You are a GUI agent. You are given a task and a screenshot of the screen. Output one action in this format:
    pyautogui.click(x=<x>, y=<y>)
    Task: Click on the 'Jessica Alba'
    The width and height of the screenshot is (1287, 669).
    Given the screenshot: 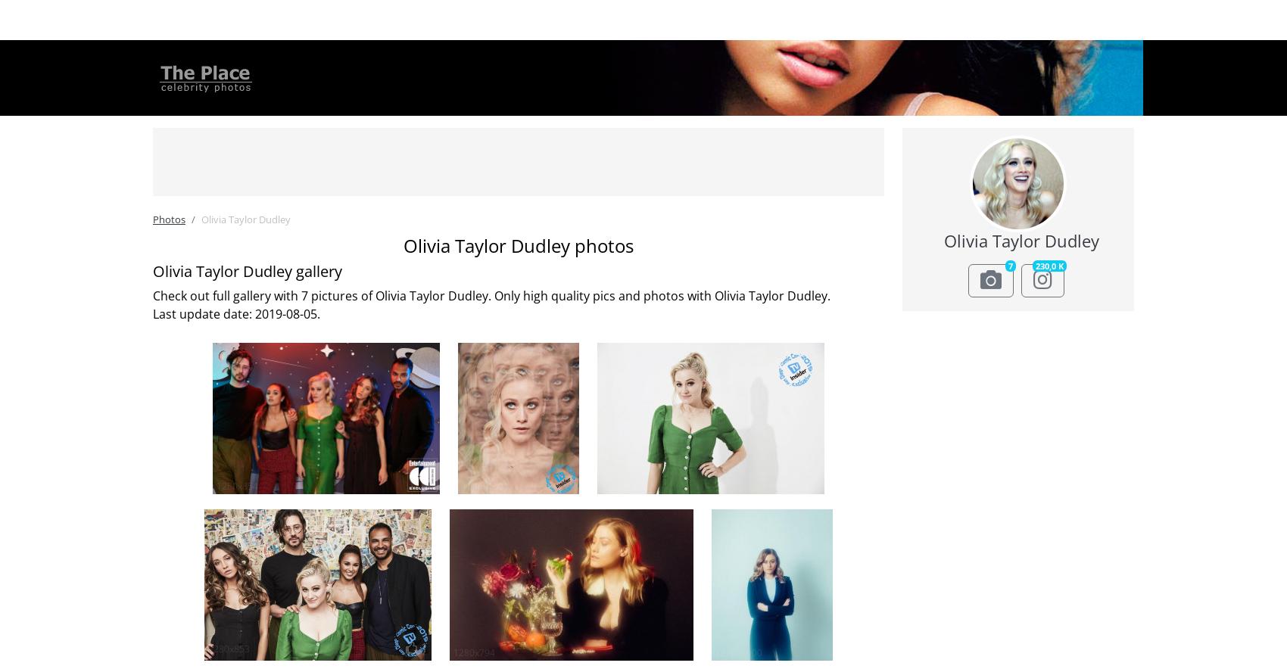 What is the action you would take?
    pyautogui.click(x=255, y=126)
    